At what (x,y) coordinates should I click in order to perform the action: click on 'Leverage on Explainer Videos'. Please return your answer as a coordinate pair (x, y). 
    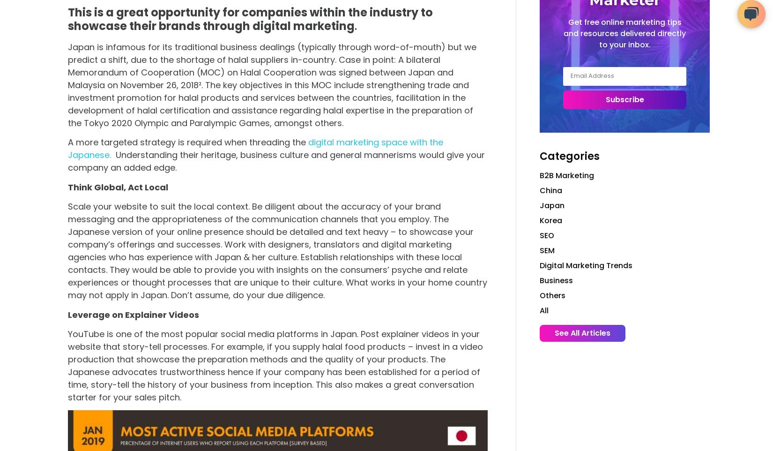
    Looking at the image, I should click on (133, 314).